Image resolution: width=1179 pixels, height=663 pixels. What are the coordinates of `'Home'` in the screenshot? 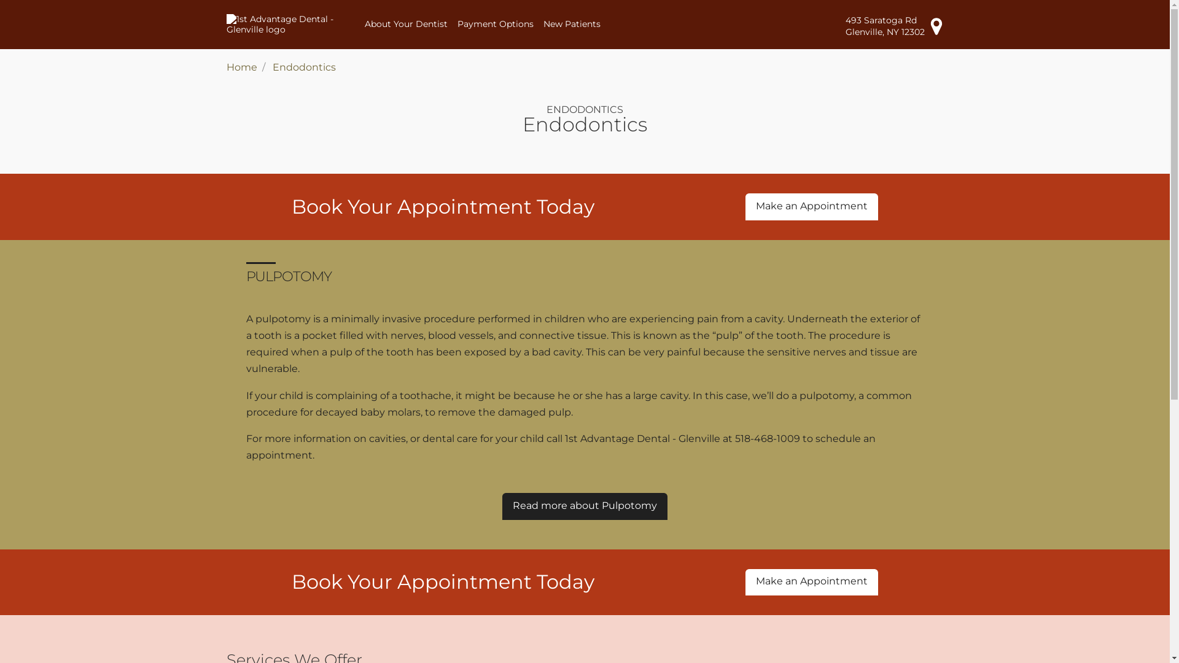 It's located at (241, 67).